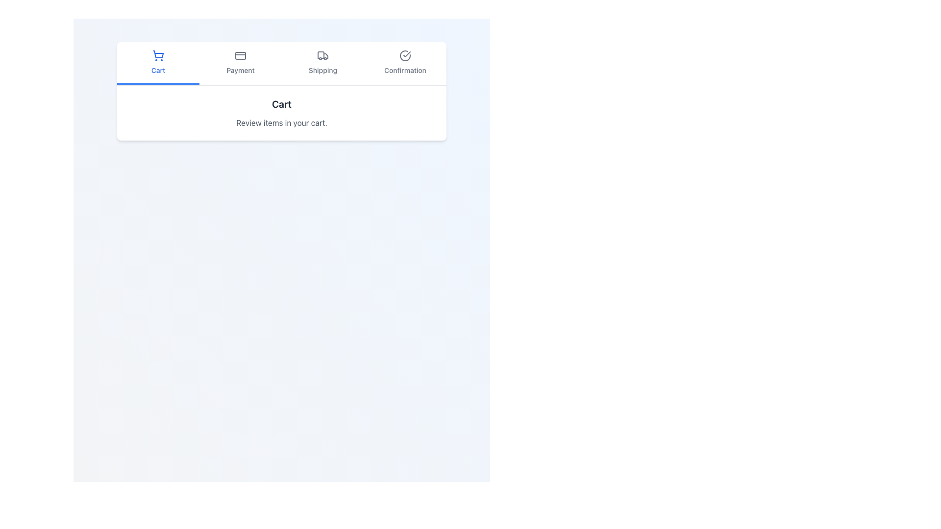  Describe the element at coordinates (158, 62) in the screenshot. I see `the Navigation link labeled 'Cart' with a shopping cart icon for keyboard navigation` at that location.